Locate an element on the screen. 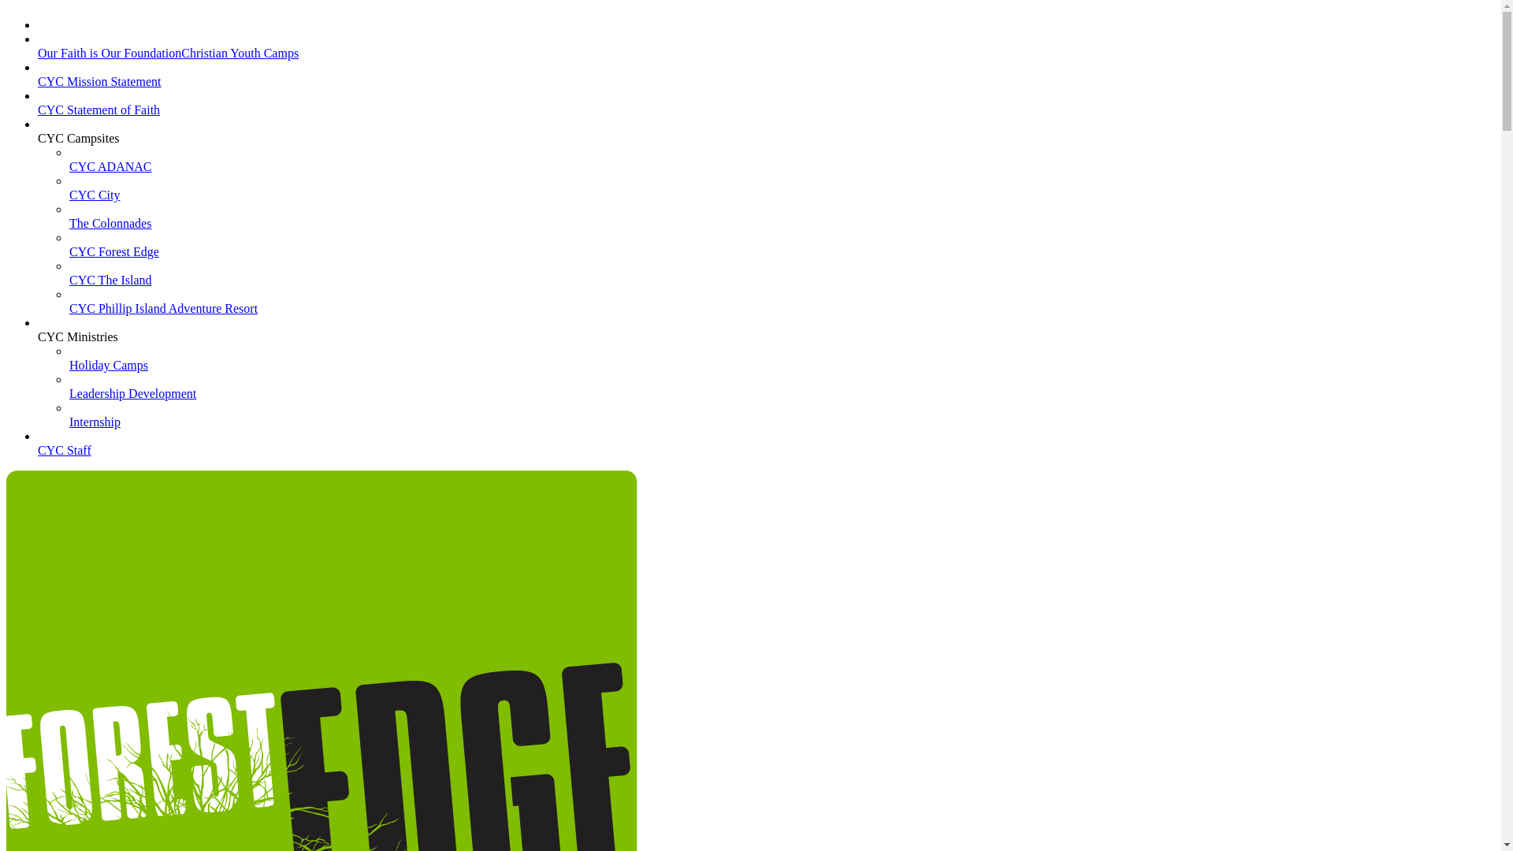 This screenshot has width=1513, height=851. 'CYC Ministries' is located at coordinates (77, 343).